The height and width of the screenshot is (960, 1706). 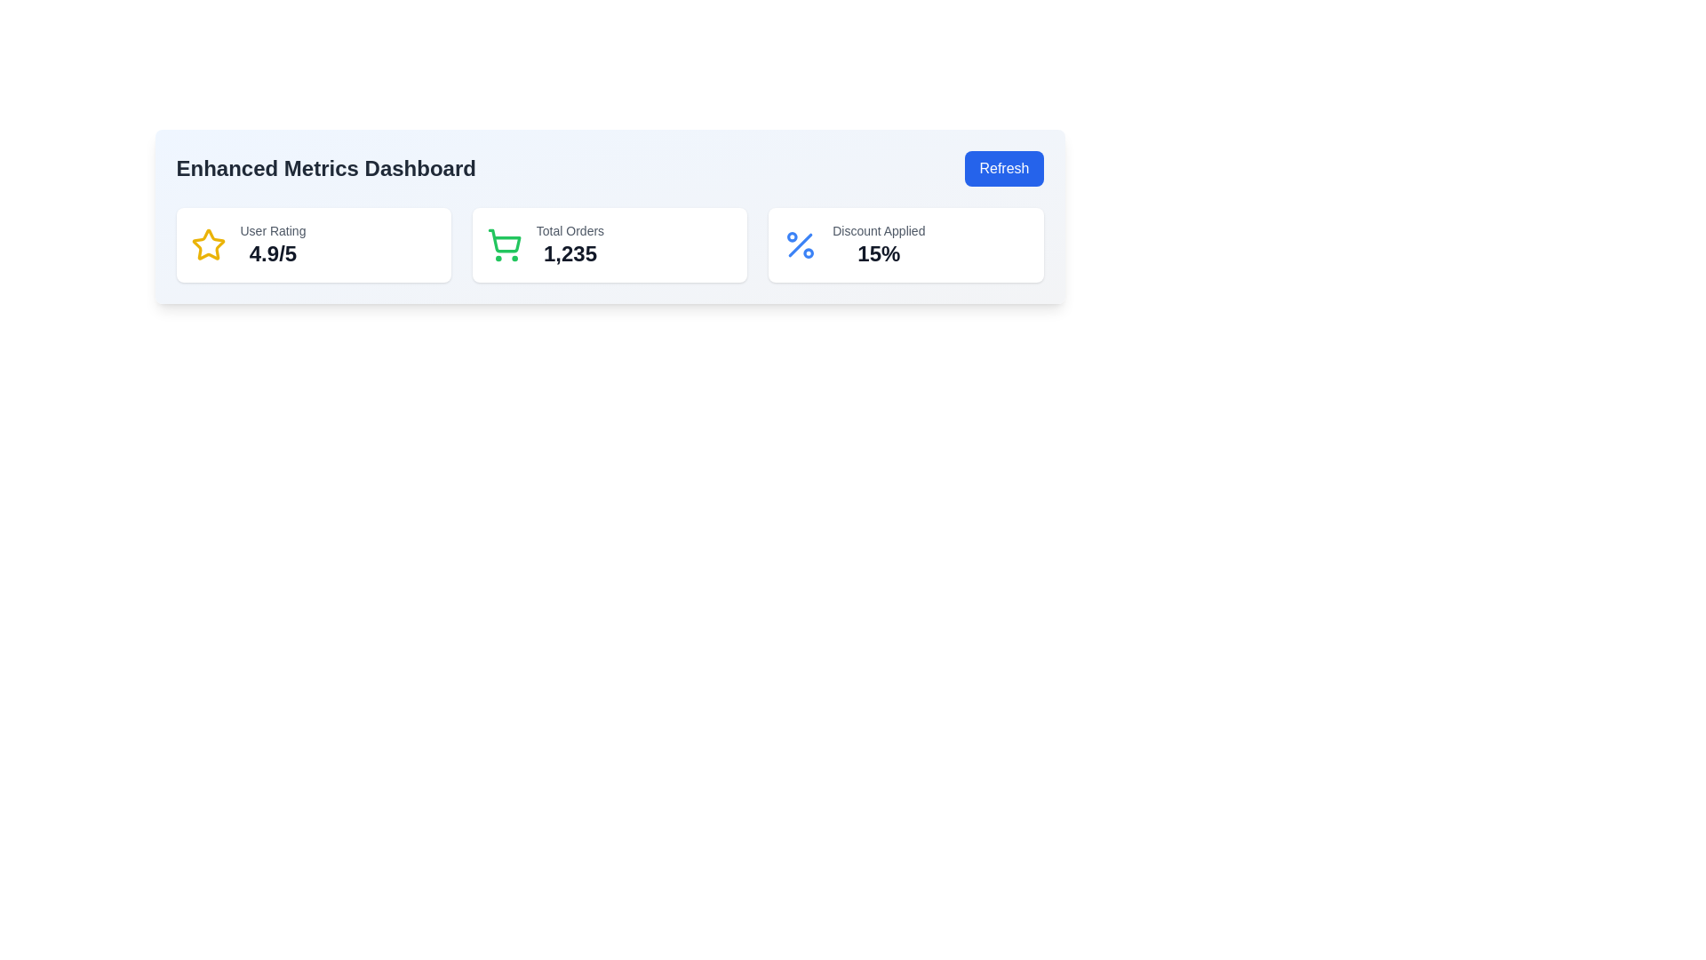 What do you see at coordinates (272, 253) in the screenshot?
I see `the bold, large-font text displaying '4.9/5' with a dark gray color located in the 'User Rating' section of the dashboard` at bounding box center [272, 253].